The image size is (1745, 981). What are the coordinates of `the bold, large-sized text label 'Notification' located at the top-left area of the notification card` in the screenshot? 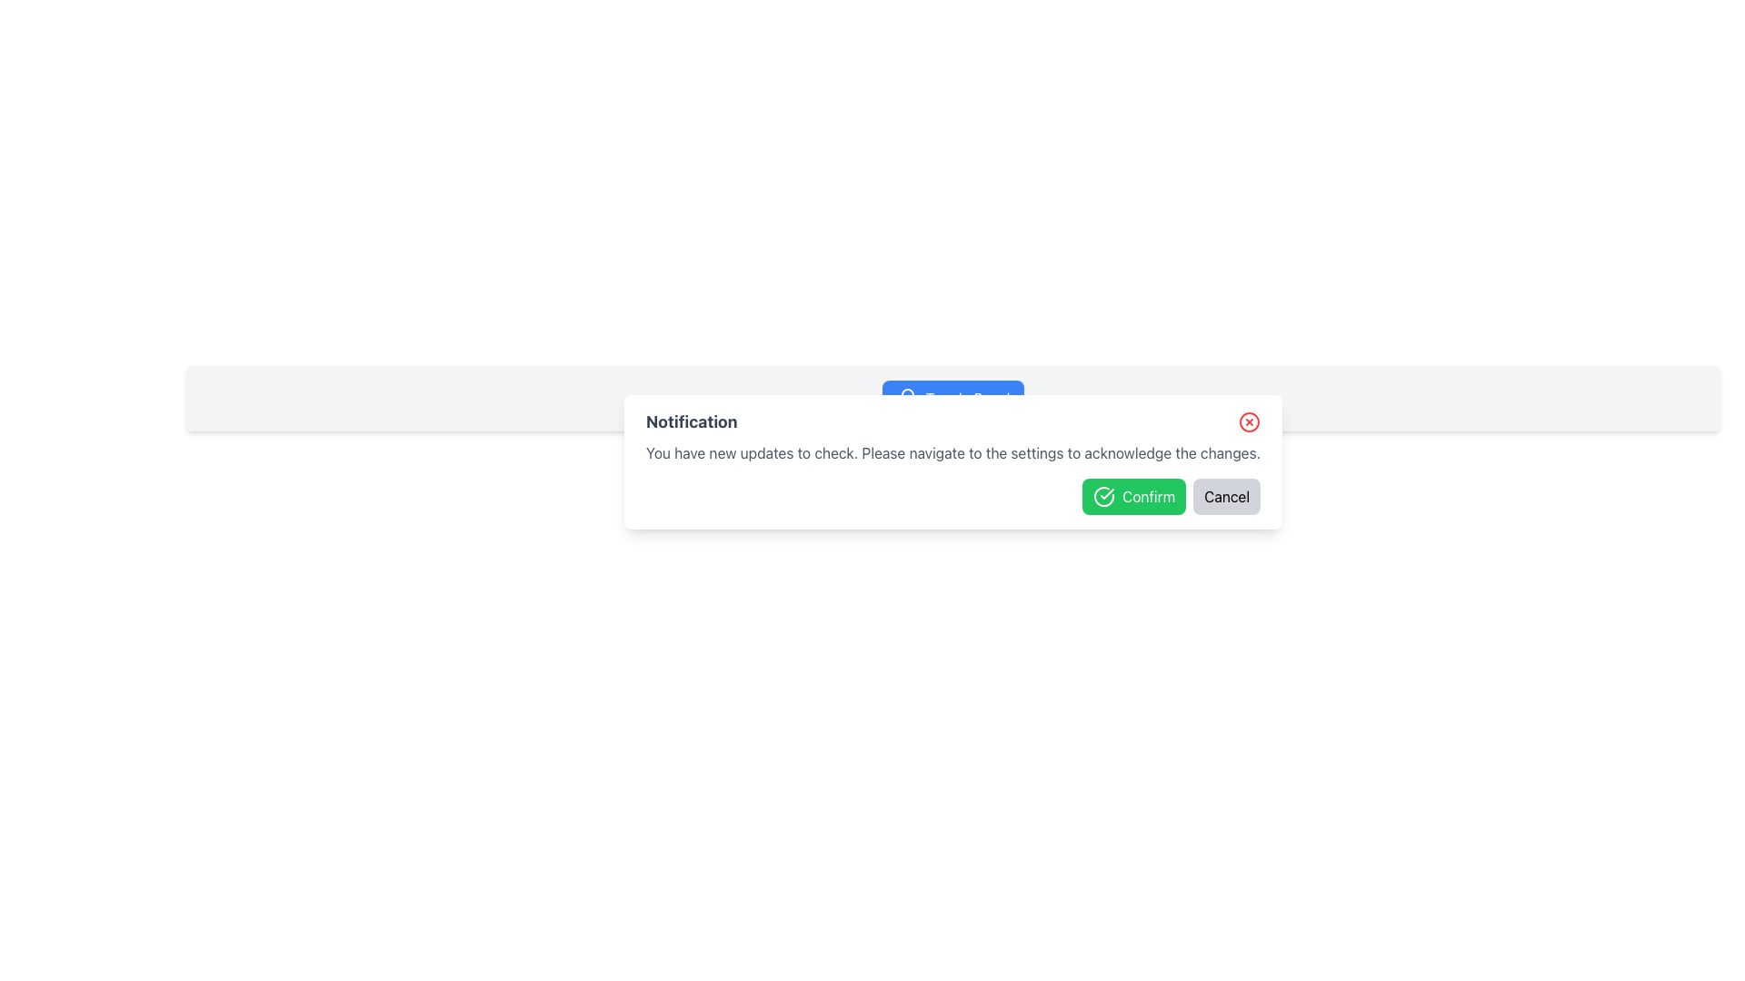 It's located at (691, 422).